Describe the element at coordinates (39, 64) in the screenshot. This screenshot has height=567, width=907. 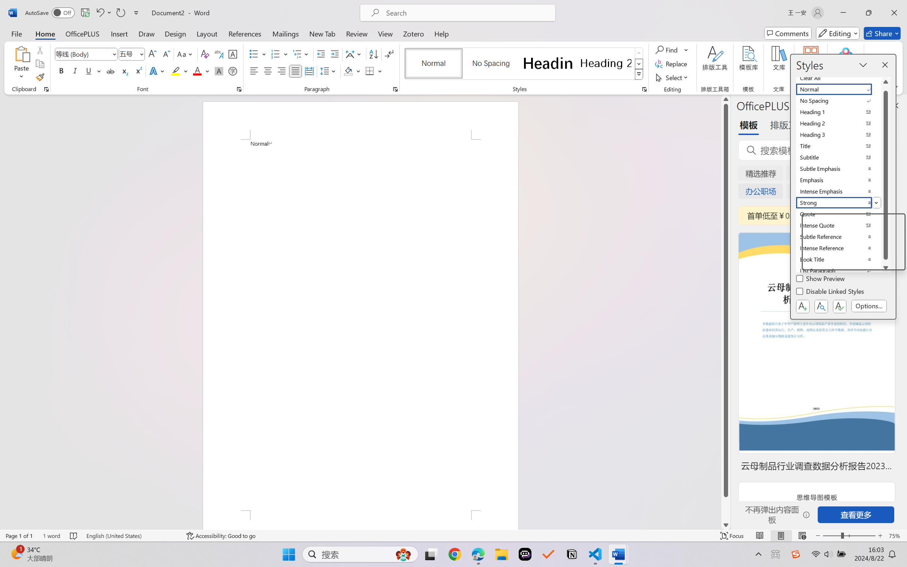
I see `'Copy'` at that location.